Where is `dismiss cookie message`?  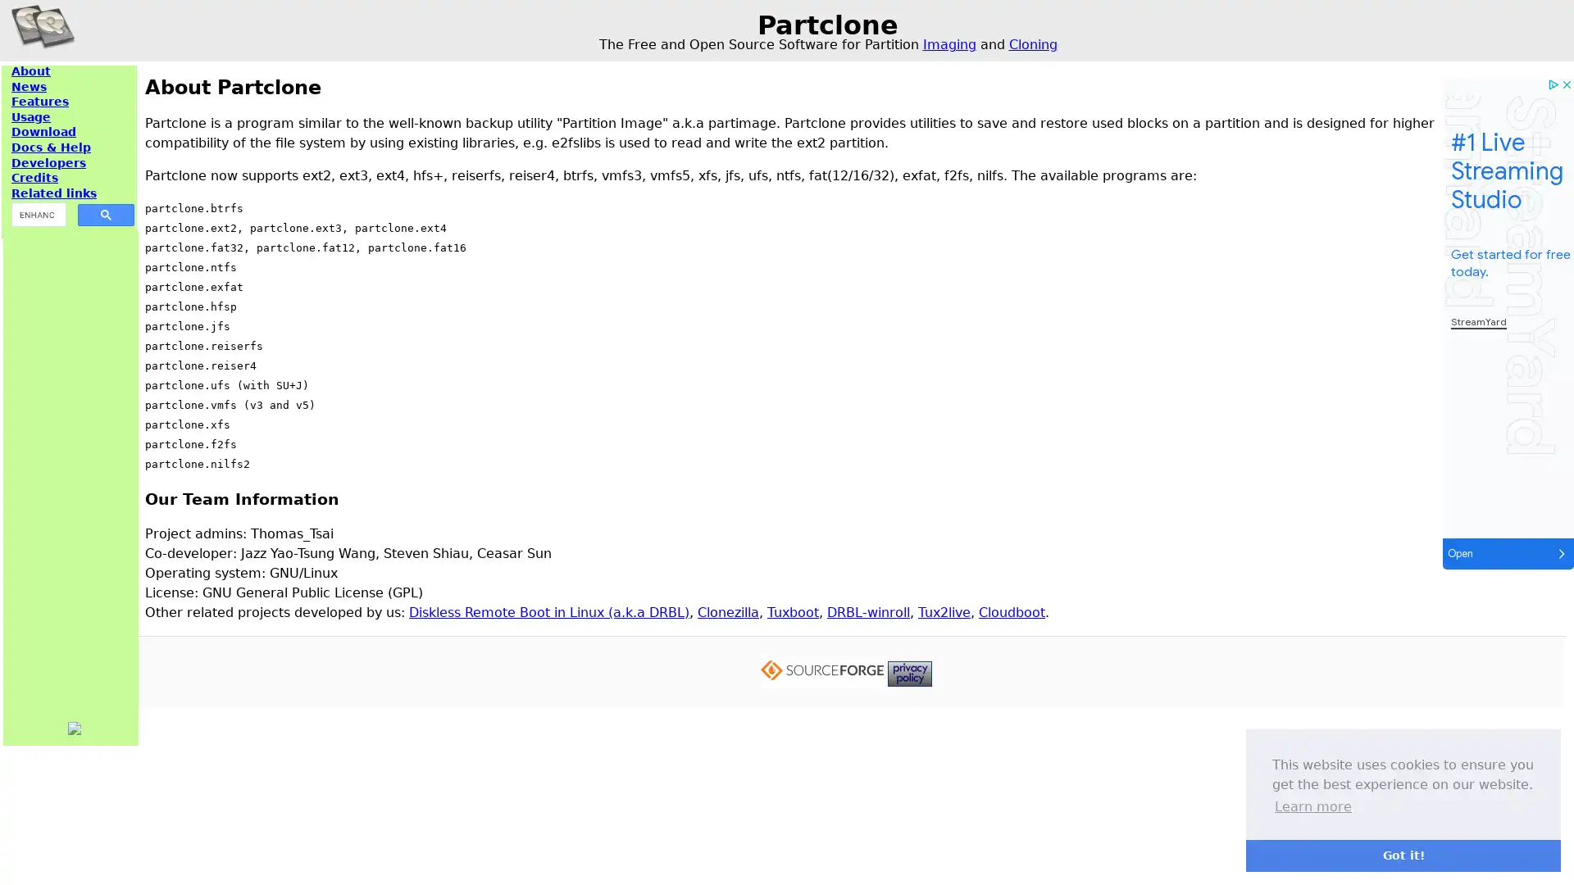
dismiss cookie message is located at coordinates (1403, 855).